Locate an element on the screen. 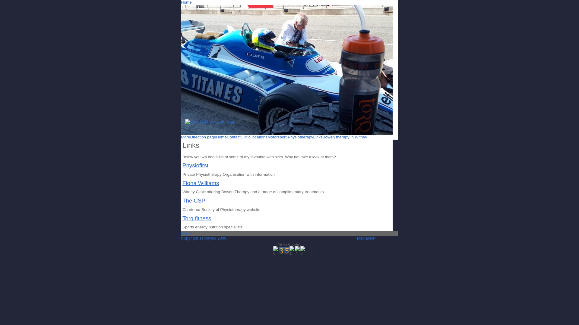  'Physiofirst' is located at coordinates (195, 165).